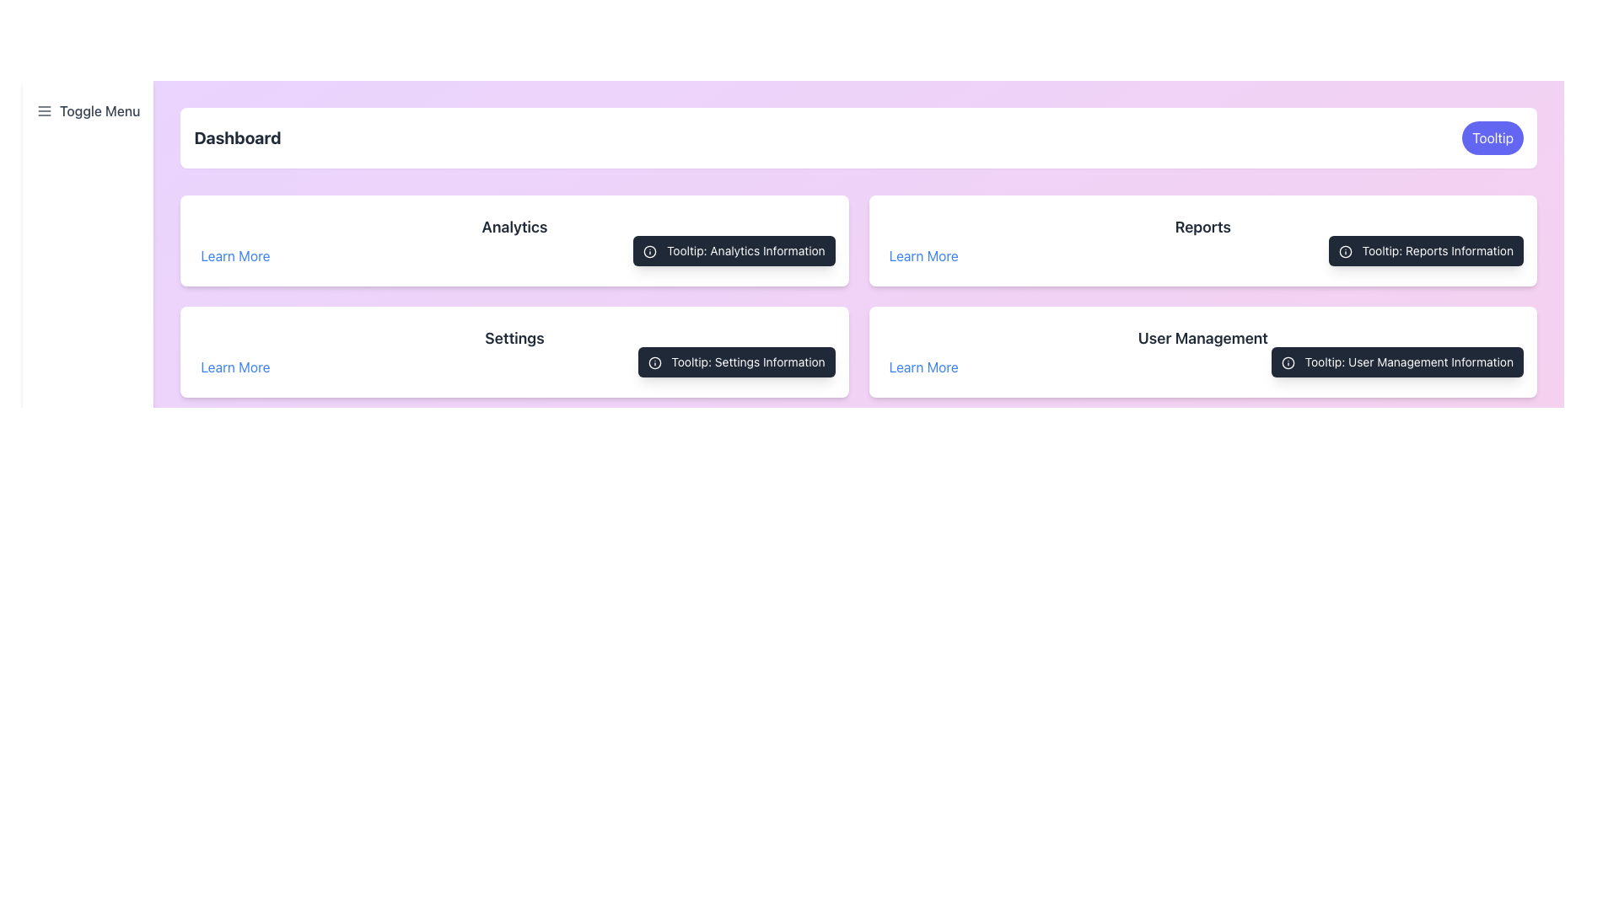 This screenshot has width=1619, height=910. Describe the element at coordinates (1287, 362) in the screenshot. I see `the small circular icon containing a bold 'i' symbol, located to the left of the text 'Tooltip: User Management Information' in the tooltip near the 'User Management' section` at that location.